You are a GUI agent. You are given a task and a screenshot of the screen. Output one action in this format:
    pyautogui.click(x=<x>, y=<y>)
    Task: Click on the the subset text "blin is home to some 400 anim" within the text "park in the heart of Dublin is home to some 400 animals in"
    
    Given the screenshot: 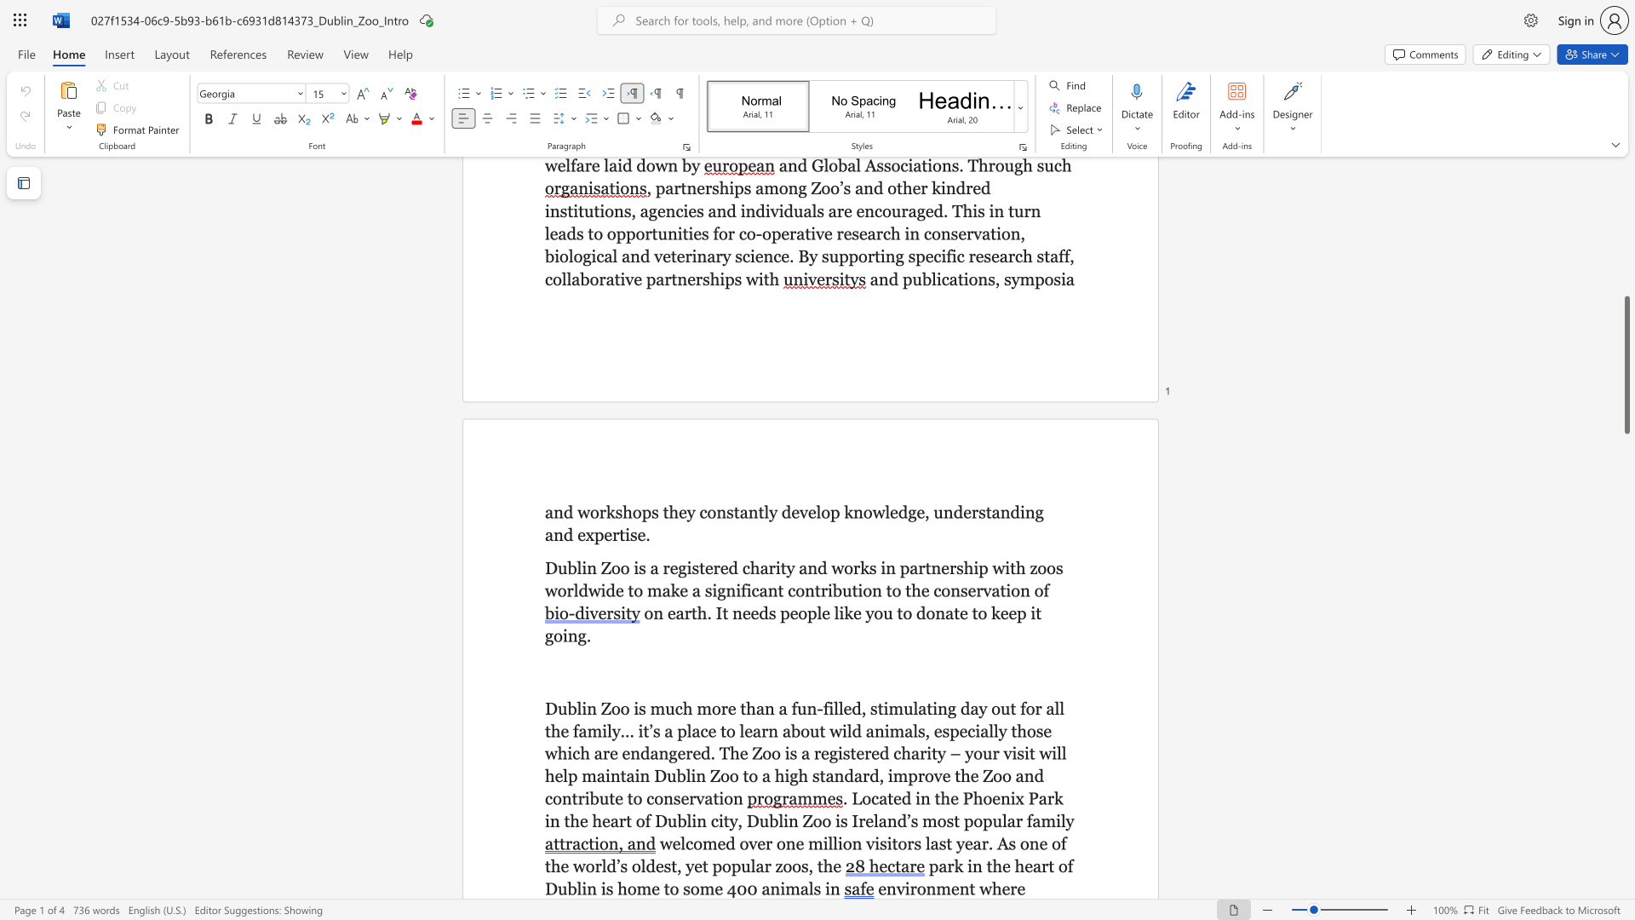 What is the action you would take?
    pyautogui.click(x=567, y=888)
    